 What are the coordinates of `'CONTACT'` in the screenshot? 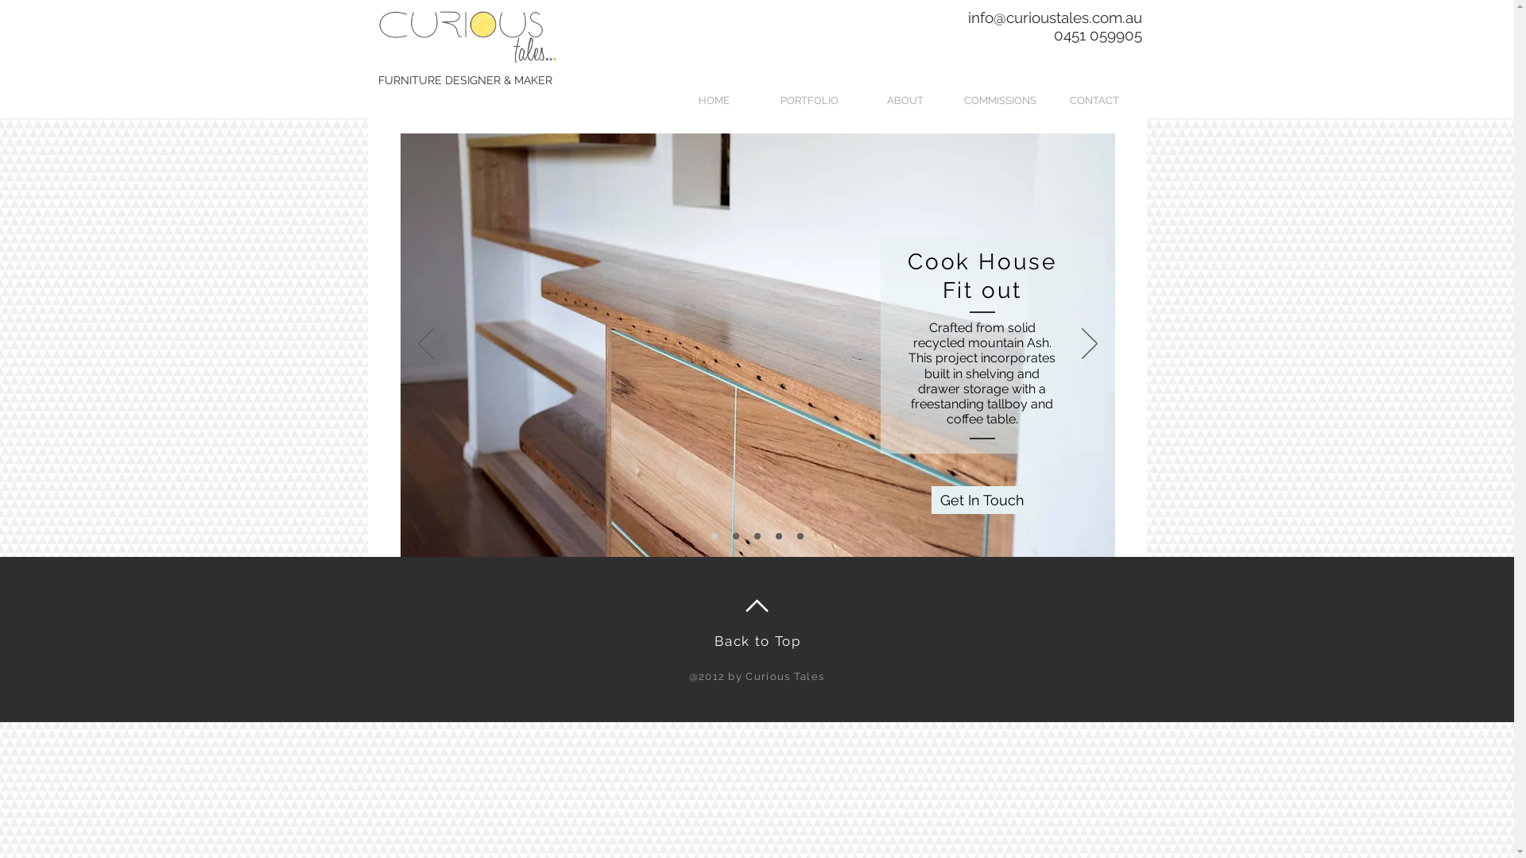 It's located at (1093, 100).